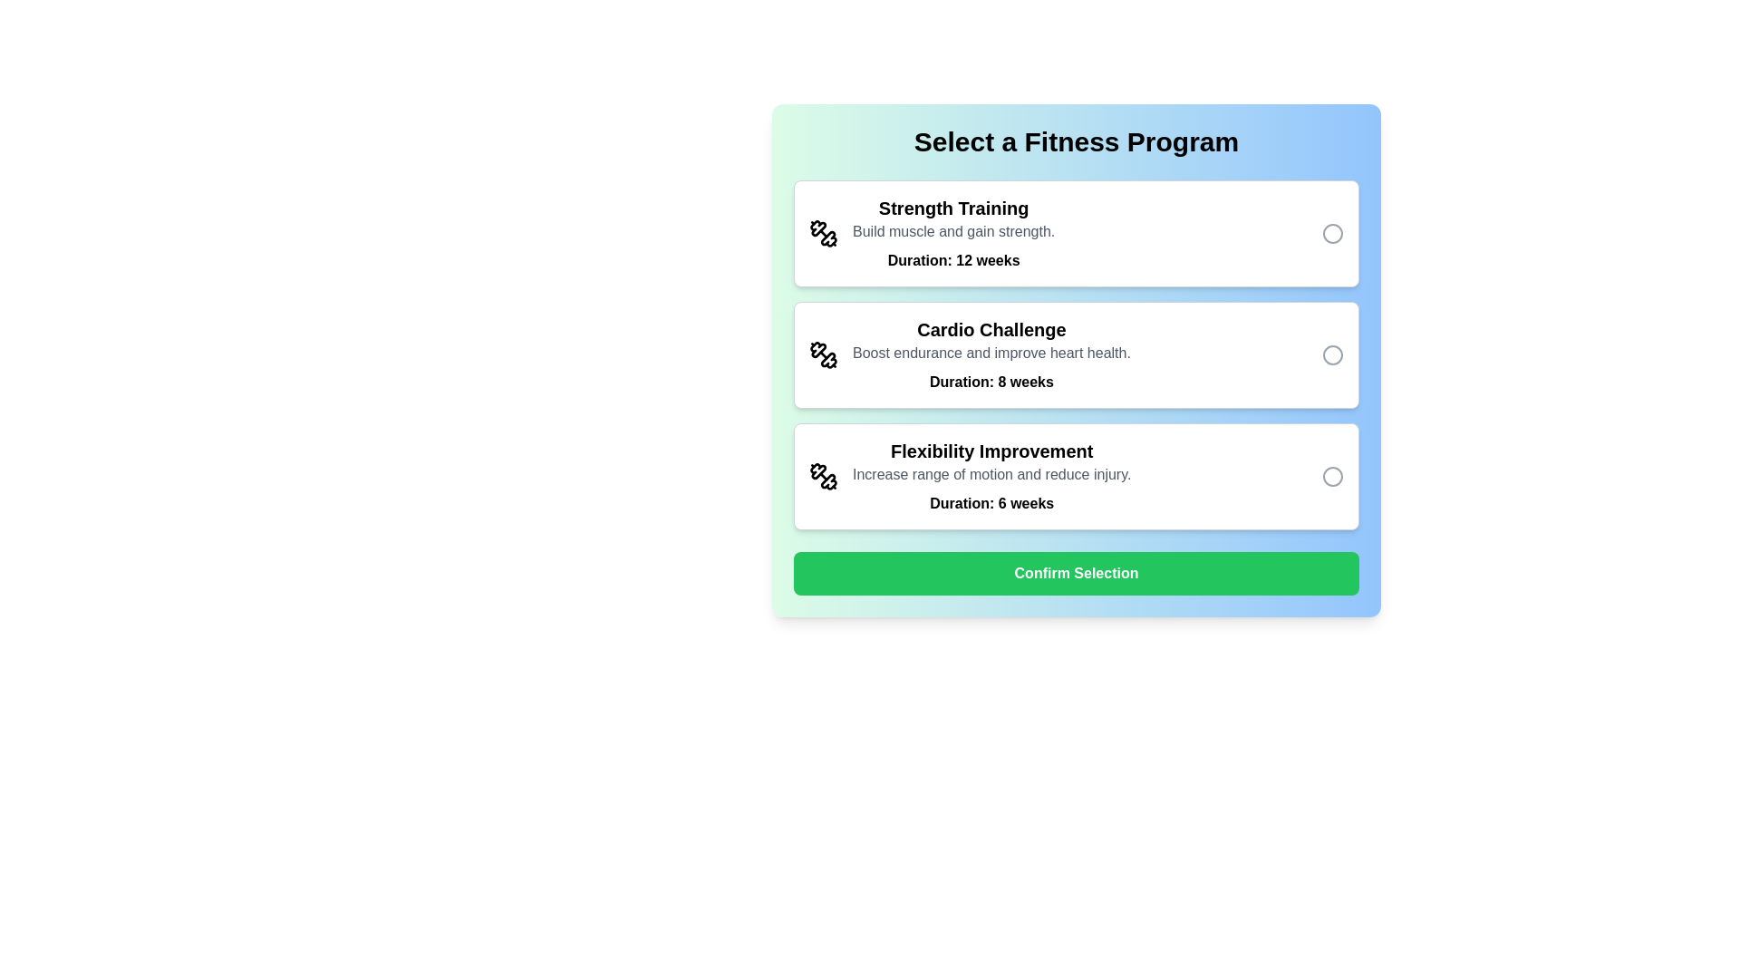 The width and height of the screenshot is (1740, 979). What do you see at coordinates (952, 261) in the screenshot?
I see `static text label displaying the duration of the fitness program located beneath the subtitle 'Build muscle and gain strength.' in the first card labeled 'Strength Training'` at bounding box center [952, 261].